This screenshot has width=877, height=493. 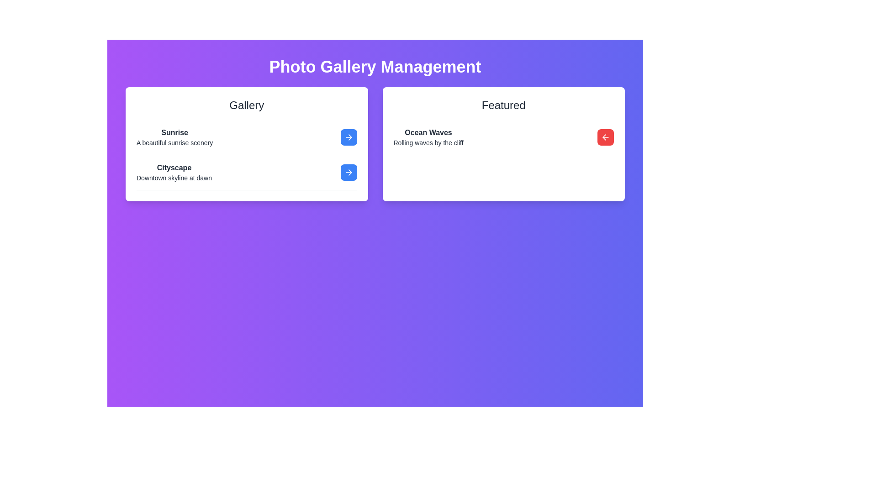 I want to click on the Icon button located in the top-right of the 'Featured' card, positioned to the right of the 'Ocean Waves' title and description, so click(x=605, y=137).